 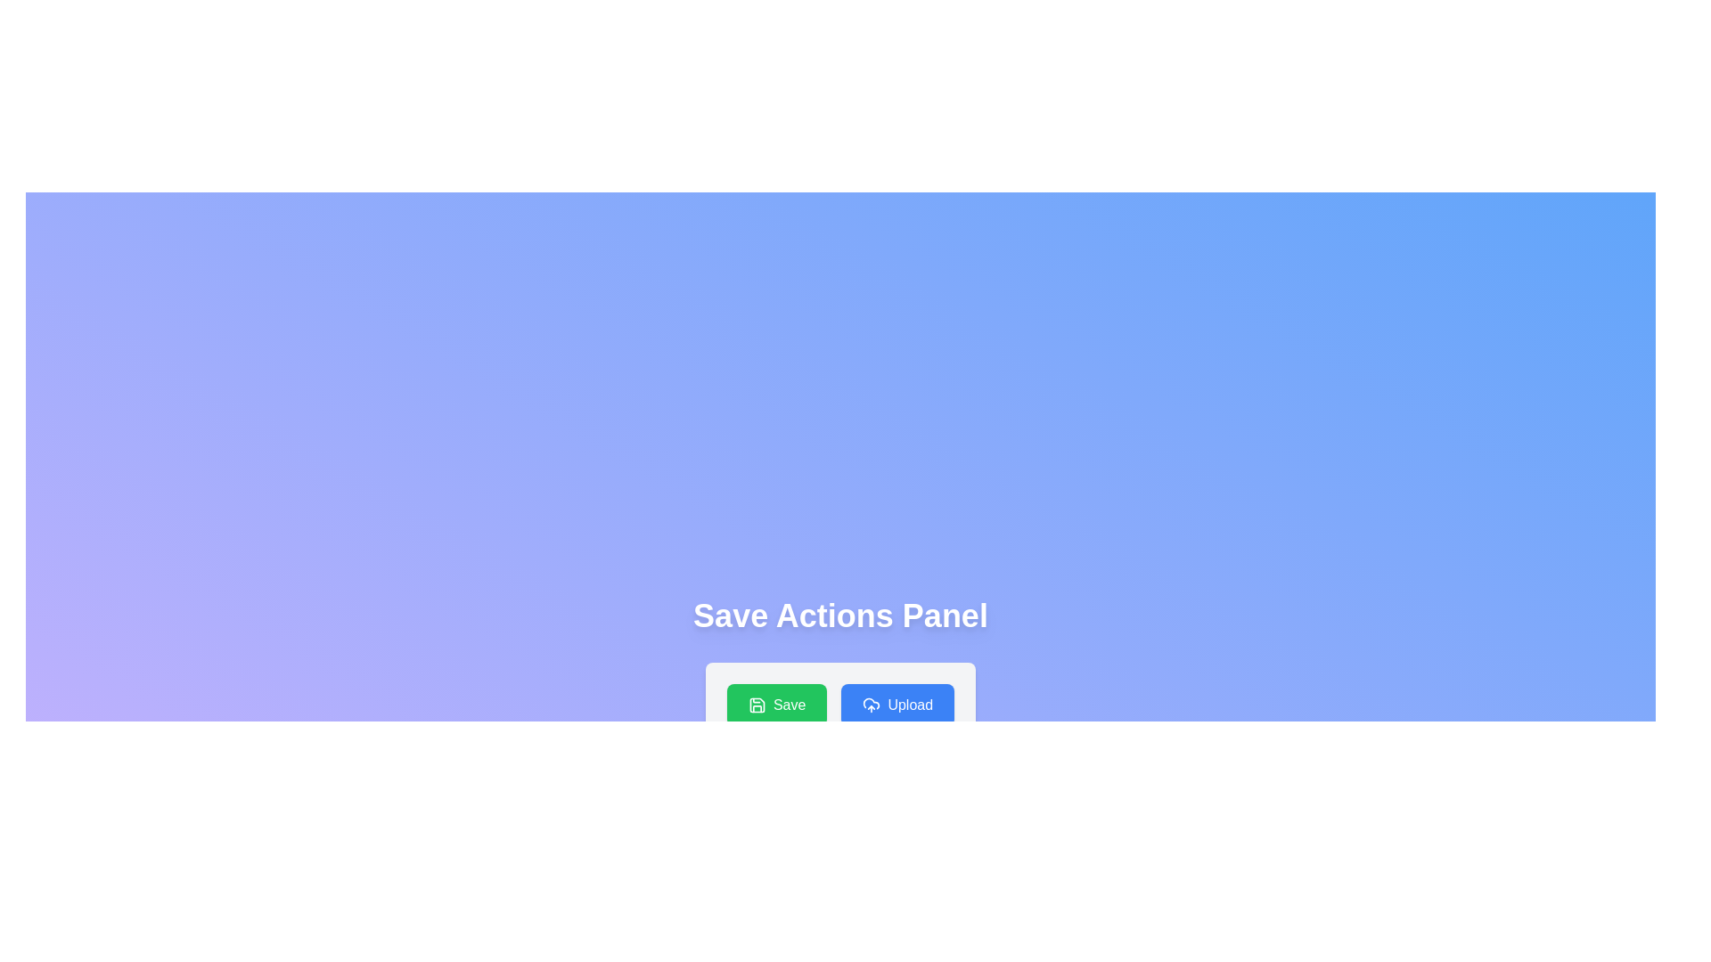 I want to click on the 'Save' button text label, so click(x=789, y=704).